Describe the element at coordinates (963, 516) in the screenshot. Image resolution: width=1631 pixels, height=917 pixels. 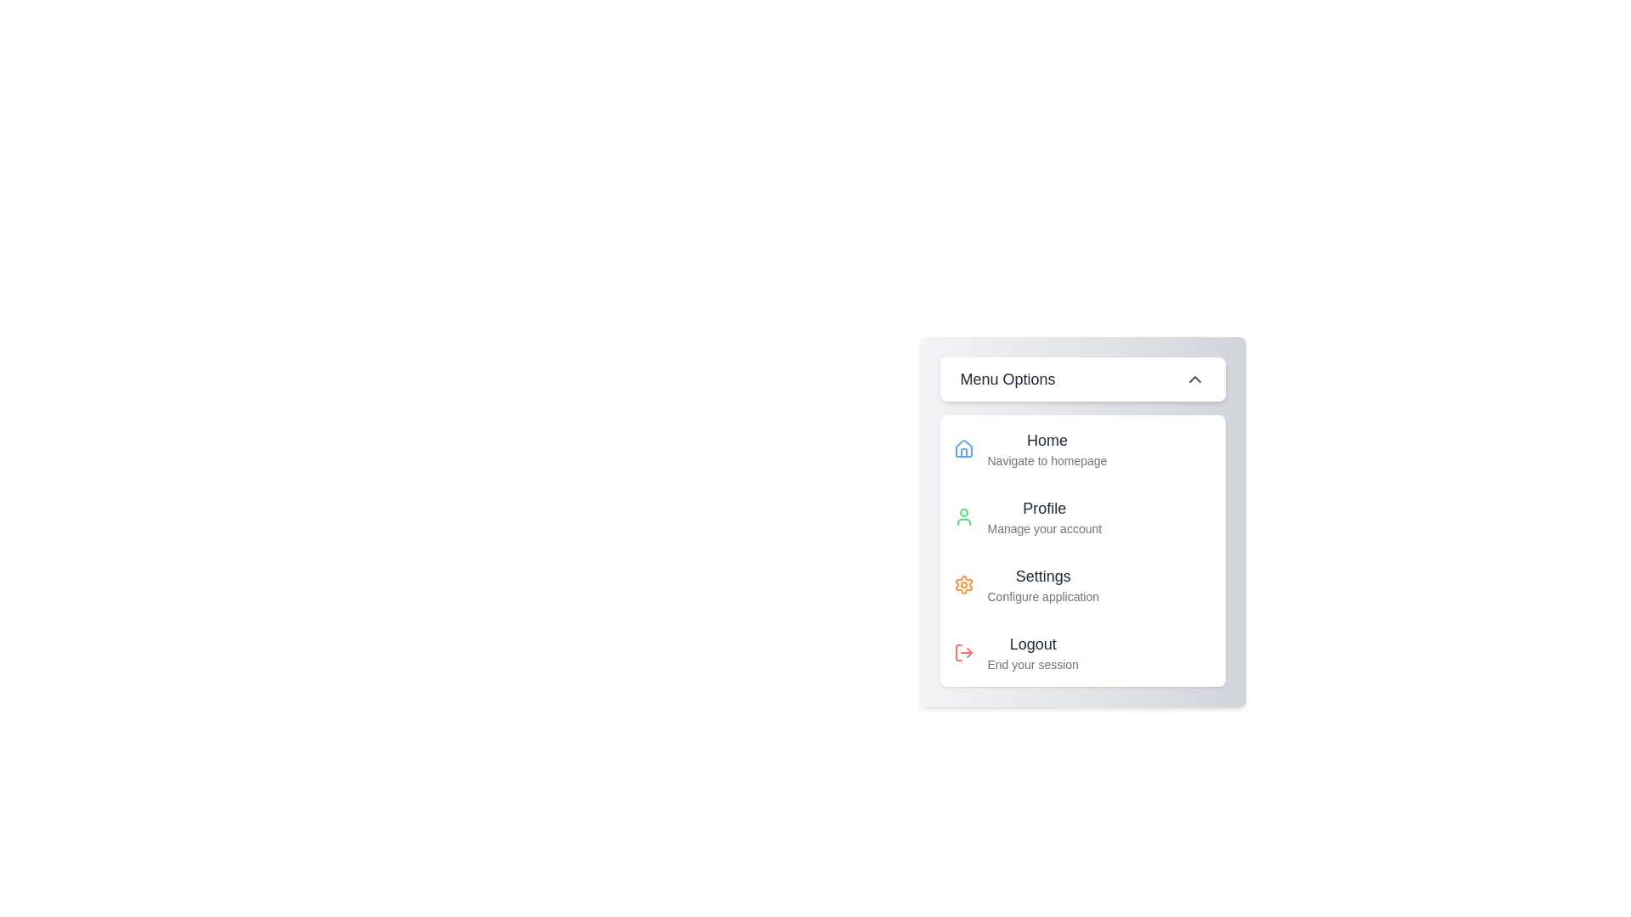
I see `the user profile icon in the 'Profile' section of the menu list, which is depicted in a line-art style with a green stroke color` at that location.